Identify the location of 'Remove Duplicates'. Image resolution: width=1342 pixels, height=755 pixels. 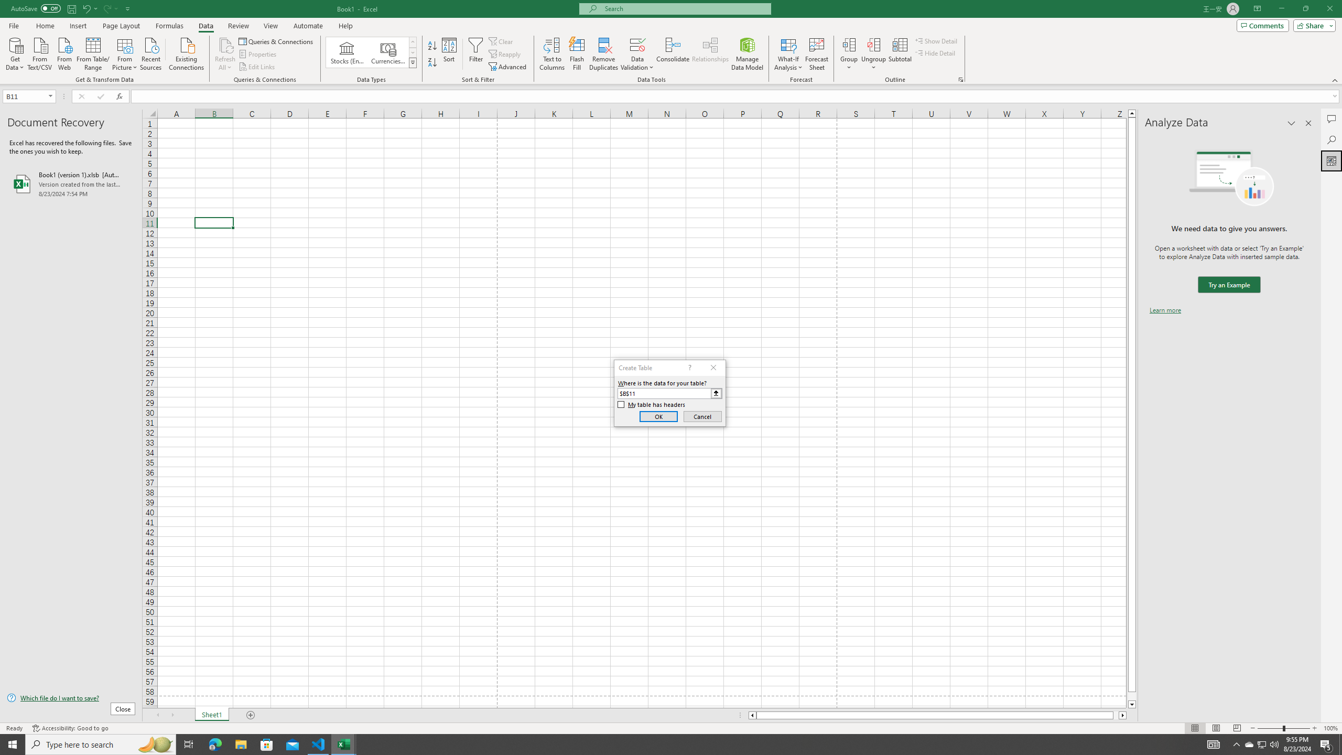
(603, 54).